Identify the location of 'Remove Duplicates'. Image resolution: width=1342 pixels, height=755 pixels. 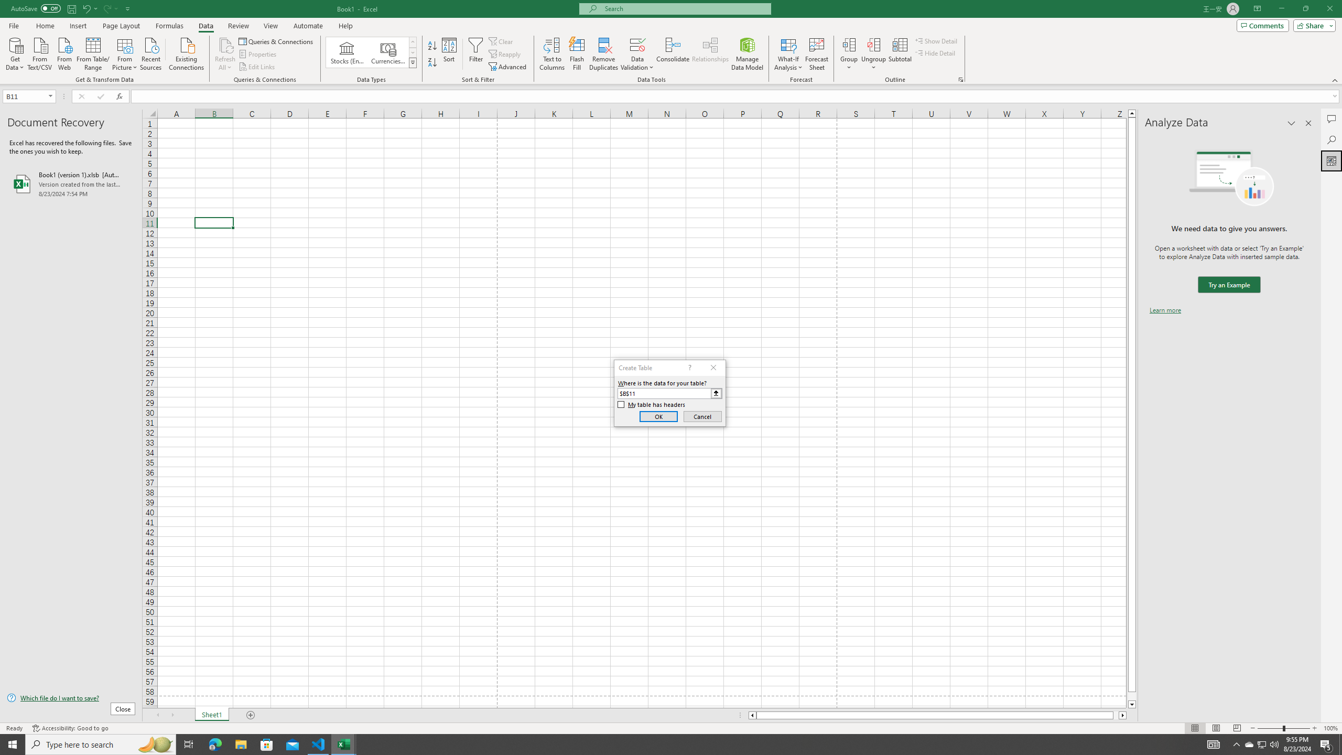
(603, 54).